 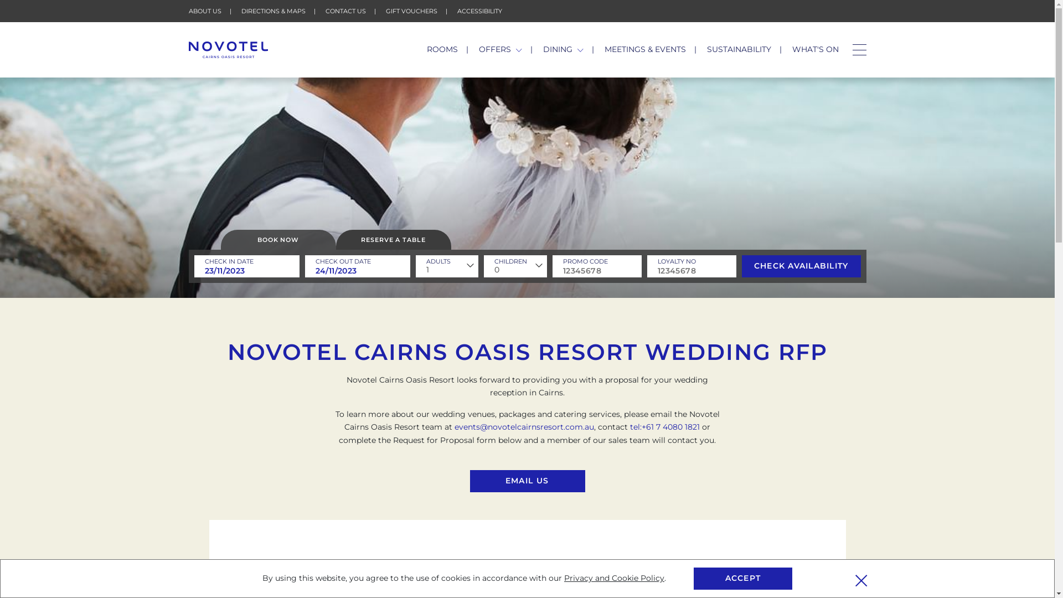 What do you see at coordinates (393, 239) in the screenshot?
I see `'RESERVE A TABLE'` at bounding box center [393, 239].